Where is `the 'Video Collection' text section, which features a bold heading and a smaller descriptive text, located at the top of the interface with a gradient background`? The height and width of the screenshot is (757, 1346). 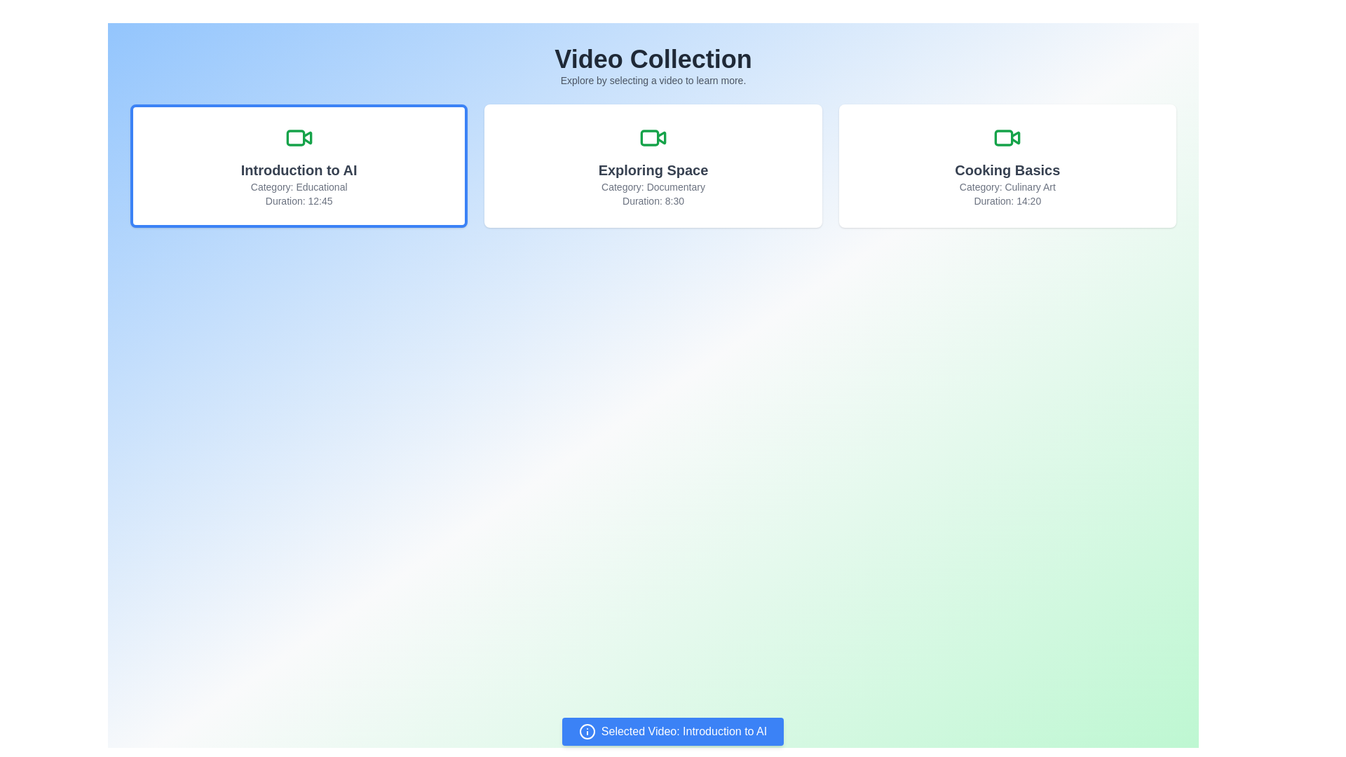
the 'Video Collection' text section, which features a bold heading and a smaller descriptive text, located at the top of the interface with a gradient background is located at coordinates (652, 67).